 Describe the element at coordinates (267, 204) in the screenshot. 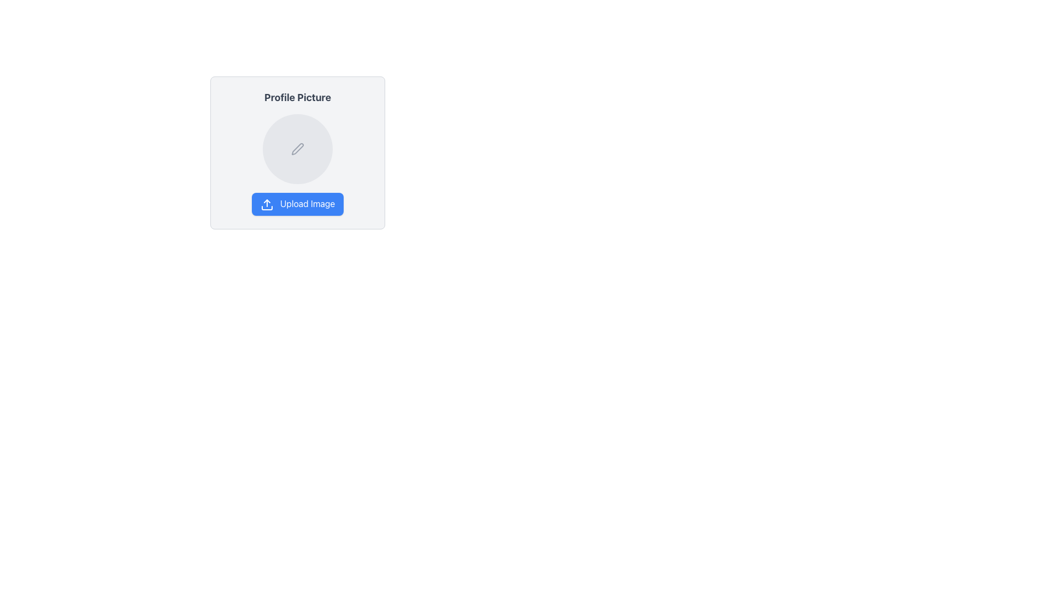

I see `the upload icon located on the left side of the 'Upload Image' button` at that location.